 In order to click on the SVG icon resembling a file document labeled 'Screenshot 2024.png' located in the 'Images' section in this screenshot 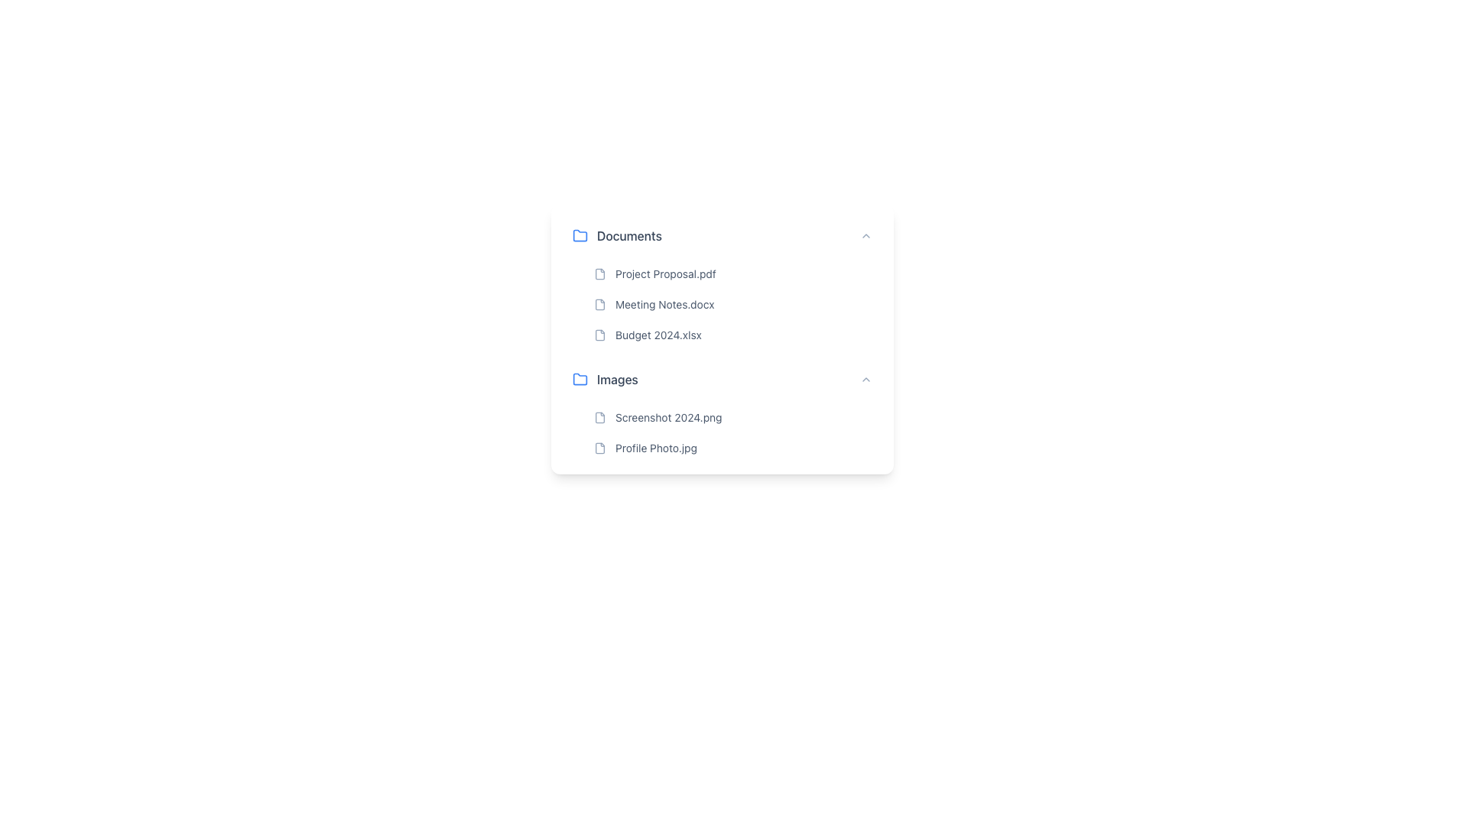, I will do `click(599, 418)`.